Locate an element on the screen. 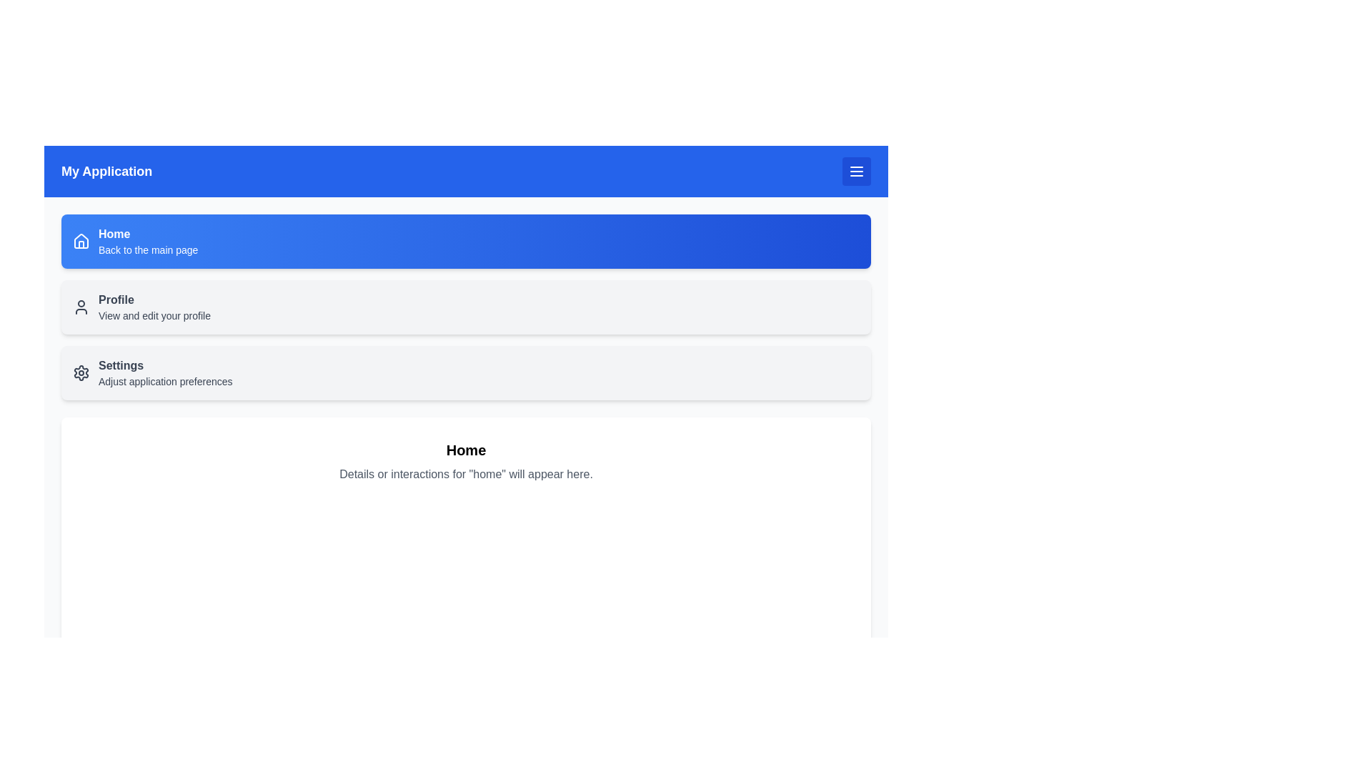 The height and width of the screenshot is (772, 1372). the settings button located in the middle of a vertical list, directly below the 'Profile' section is located at coordinates (466, 372).